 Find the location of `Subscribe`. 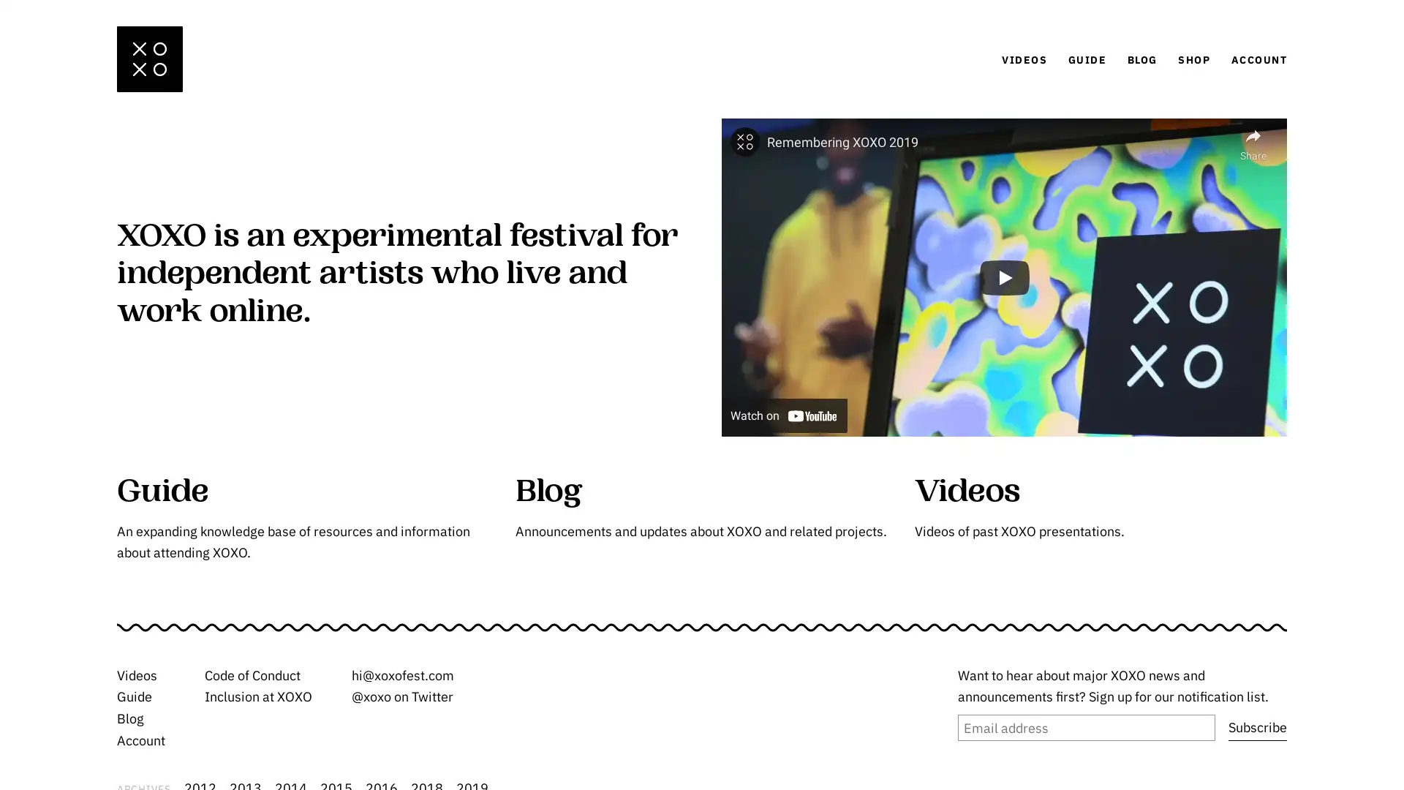

Subscribe is located at coordinates (1256, 728).